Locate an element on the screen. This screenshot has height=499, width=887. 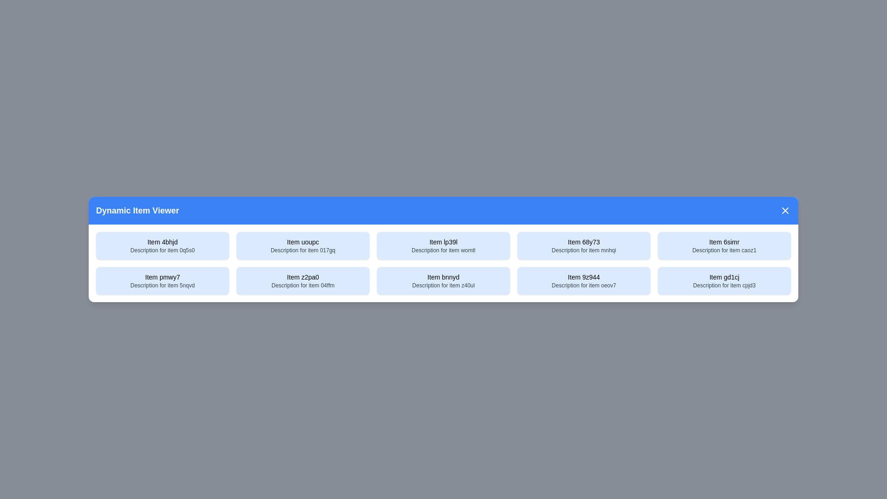
the item with title Item 4bhjd to select it is located at coordinates (162, 245).